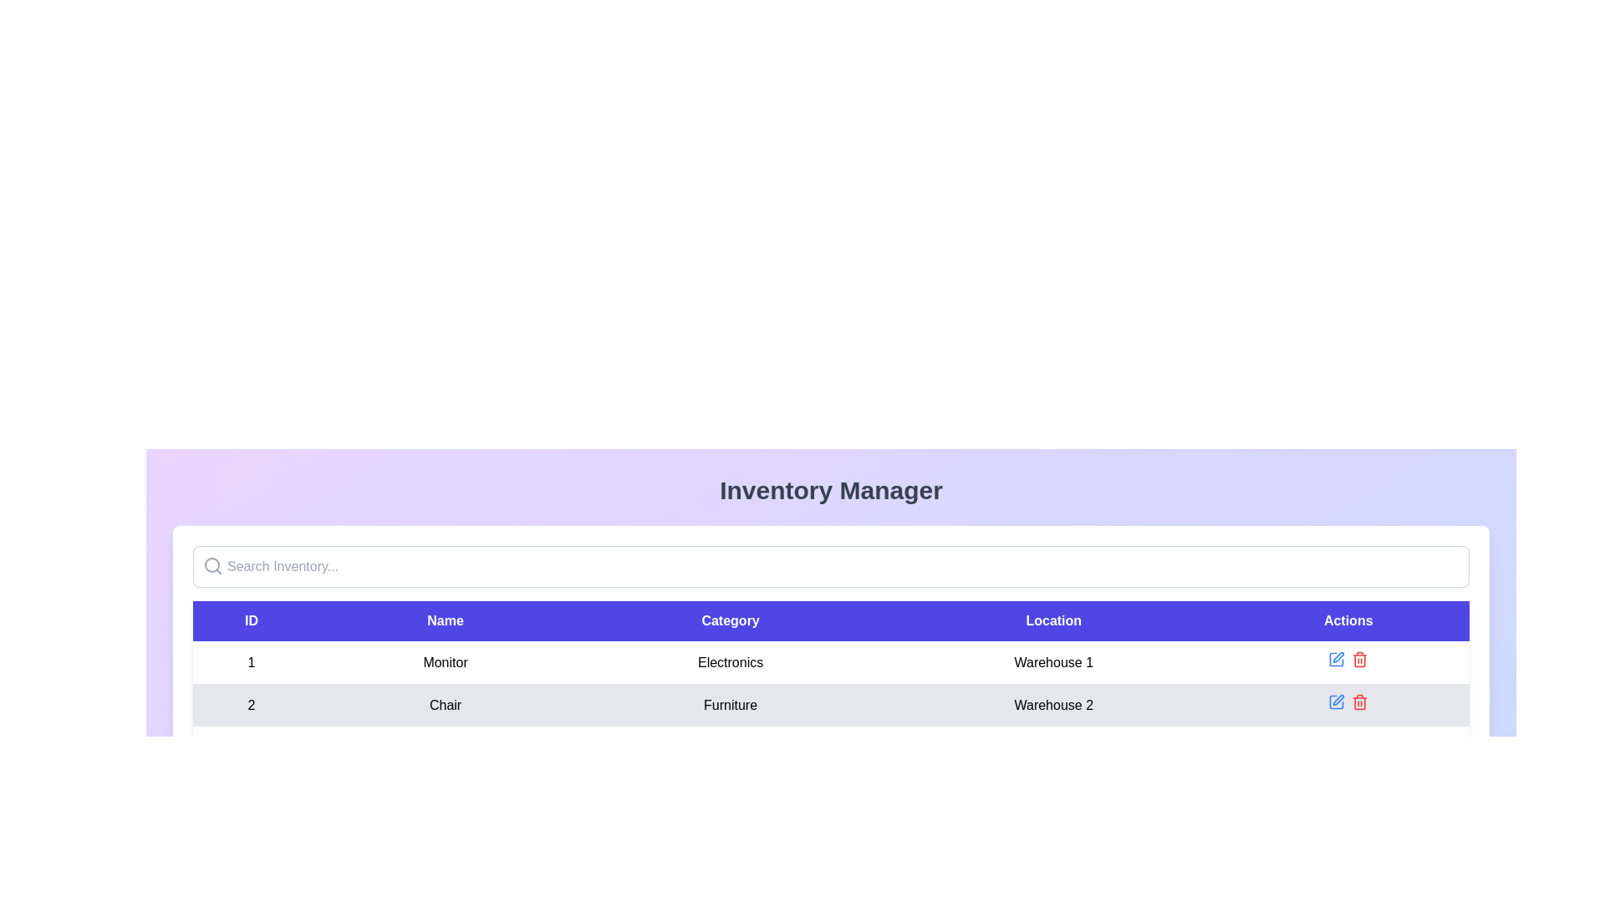 Image resolution: width=1605 pixels, height=903 pixels. I want to click on the text label displaying 'Furniture' in the 'Category' column of the table, which is positioned centrally in its cell, so click(731, 705).